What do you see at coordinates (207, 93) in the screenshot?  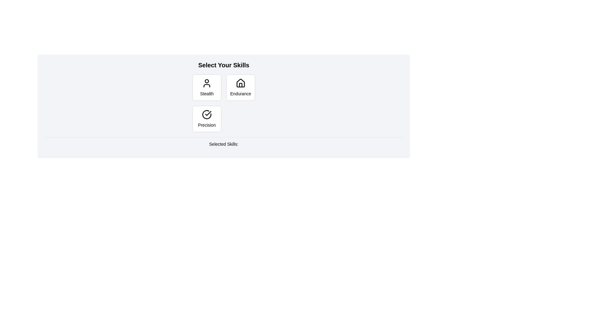 I see `text content of the 'Stealth' label, which is a small, bold, black text located at the bottom of a bordered rectangular card under a user icon` at bounding box center [207, 93].